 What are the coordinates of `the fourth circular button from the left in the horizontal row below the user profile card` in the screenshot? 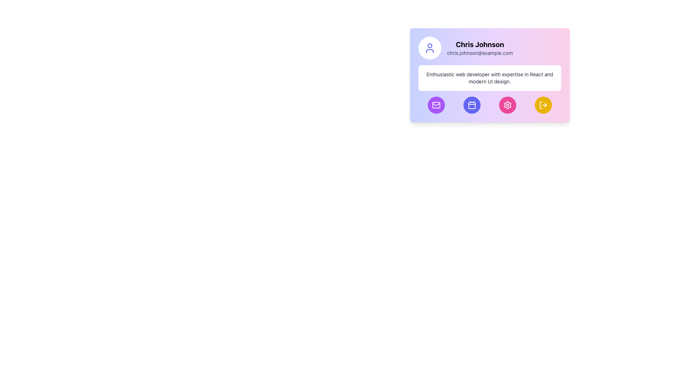 It's located at (507, 105).